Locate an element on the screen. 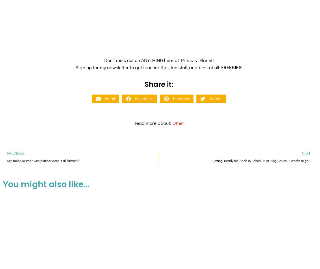 The height and width of the screenshot is (269, 320). '!' is located at coordinates (241, 18).